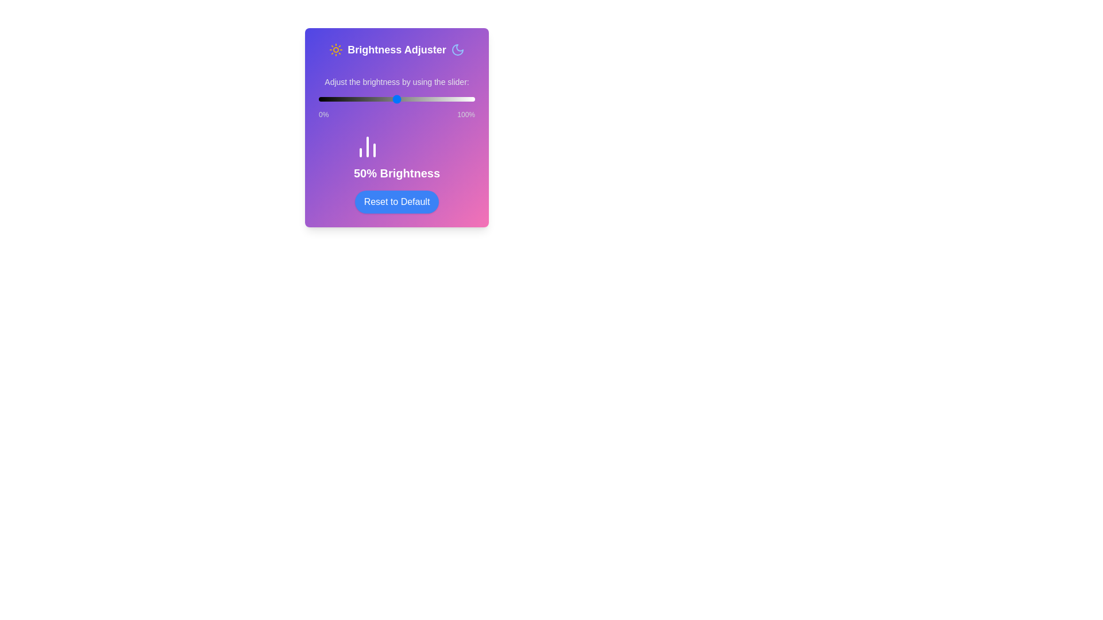  I want to click on the brightness to 73% by moving the slider, so click(432, 99).